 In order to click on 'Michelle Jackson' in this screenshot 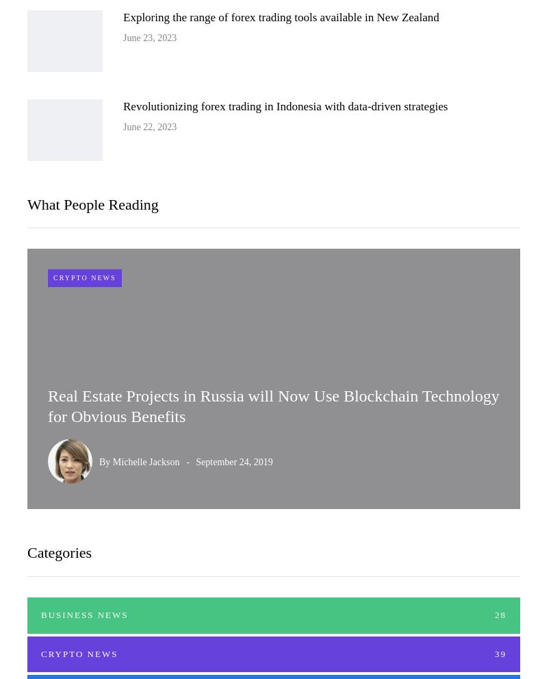, I will do `click(145, 461)`.